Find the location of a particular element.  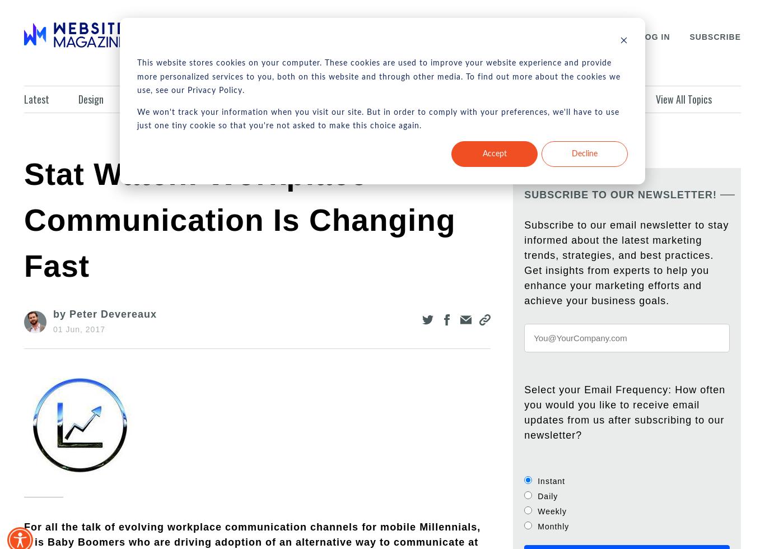

'Subscribe to our email newsletter to stay informed about the latest marketing trends, strategies, and best practices. Get insights from experts to help you enhance your marketing efforts and achieve your business goals.' is located at coordinates (626, 262).